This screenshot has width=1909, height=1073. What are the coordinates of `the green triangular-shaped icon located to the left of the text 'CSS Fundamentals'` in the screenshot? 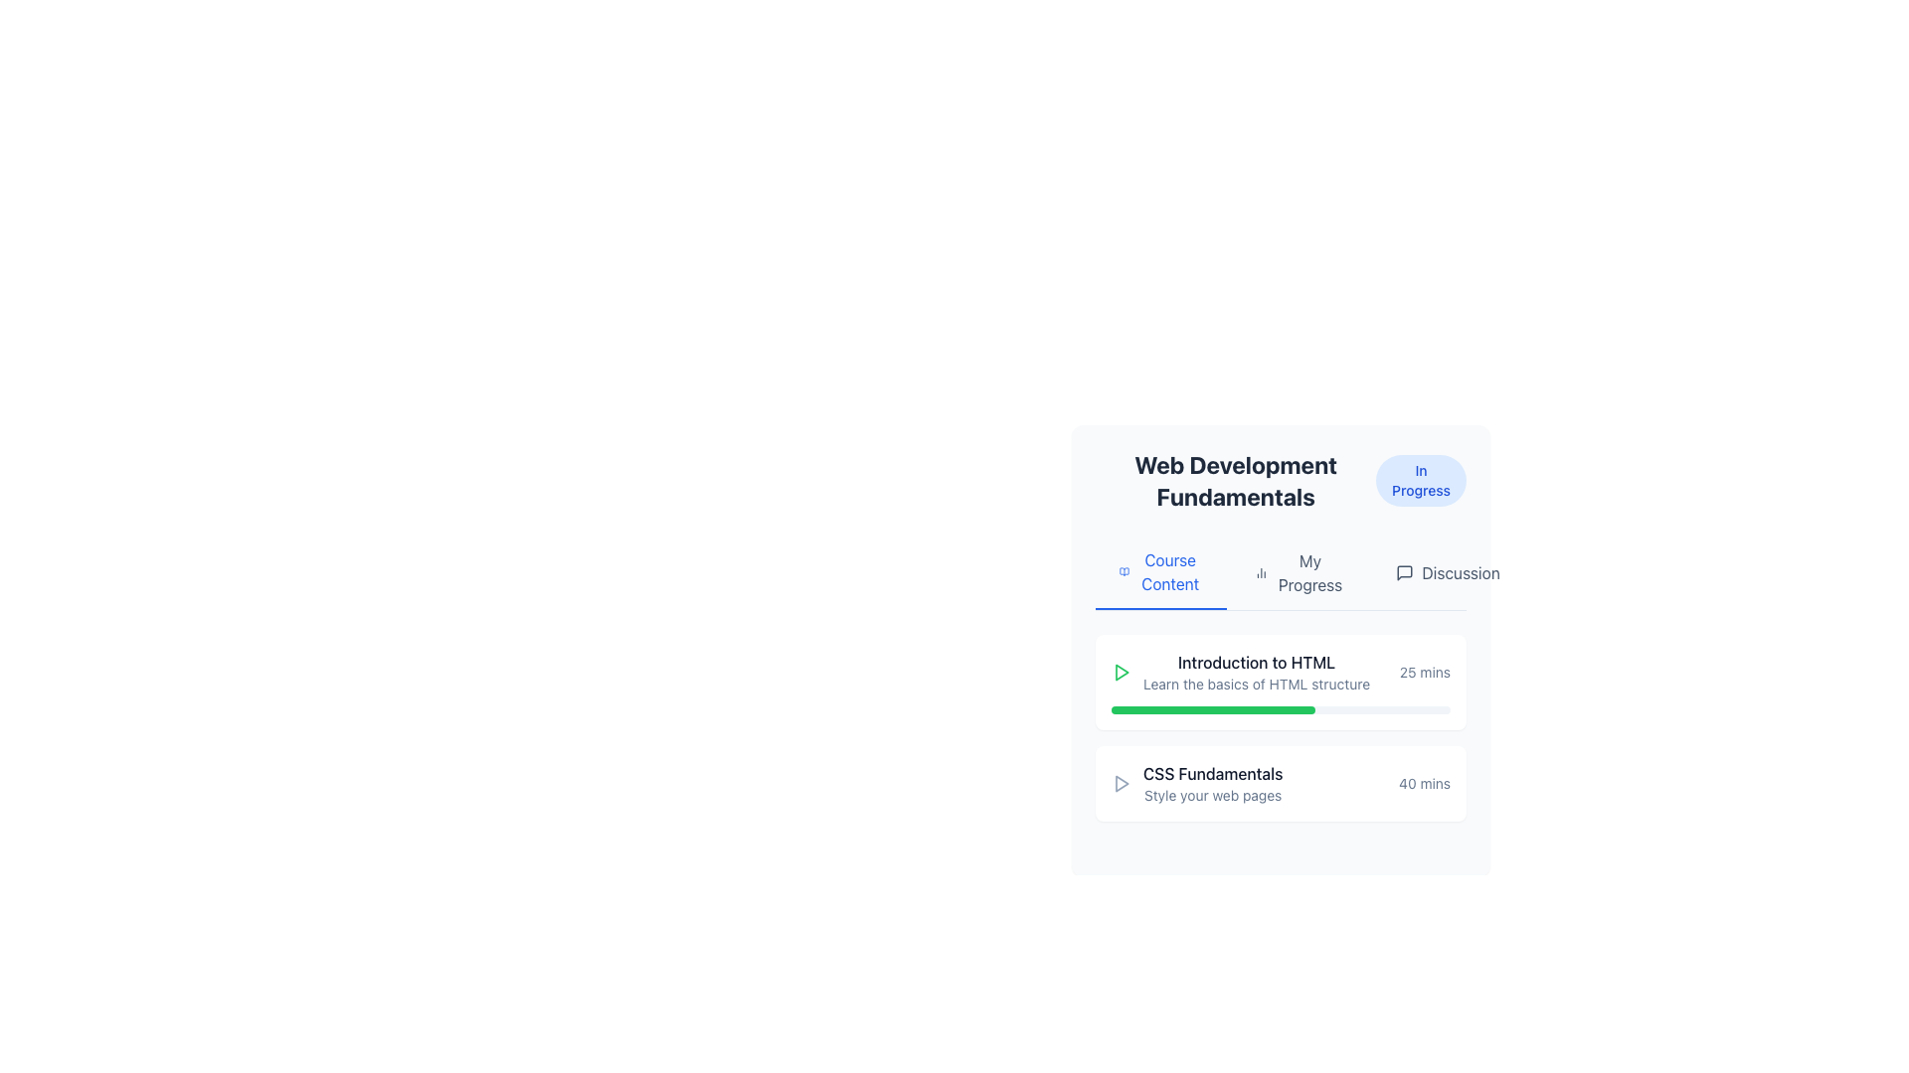 It's located at (1122, 672).